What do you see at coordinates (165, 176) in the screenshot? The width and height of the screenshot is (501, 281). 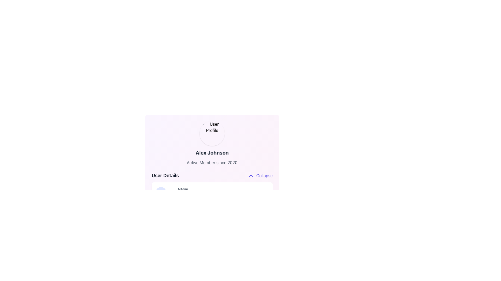 I see `'User Details' header label located on the far left above the details area in the user profile section to understand the section context` at bounding box center [165, 176].